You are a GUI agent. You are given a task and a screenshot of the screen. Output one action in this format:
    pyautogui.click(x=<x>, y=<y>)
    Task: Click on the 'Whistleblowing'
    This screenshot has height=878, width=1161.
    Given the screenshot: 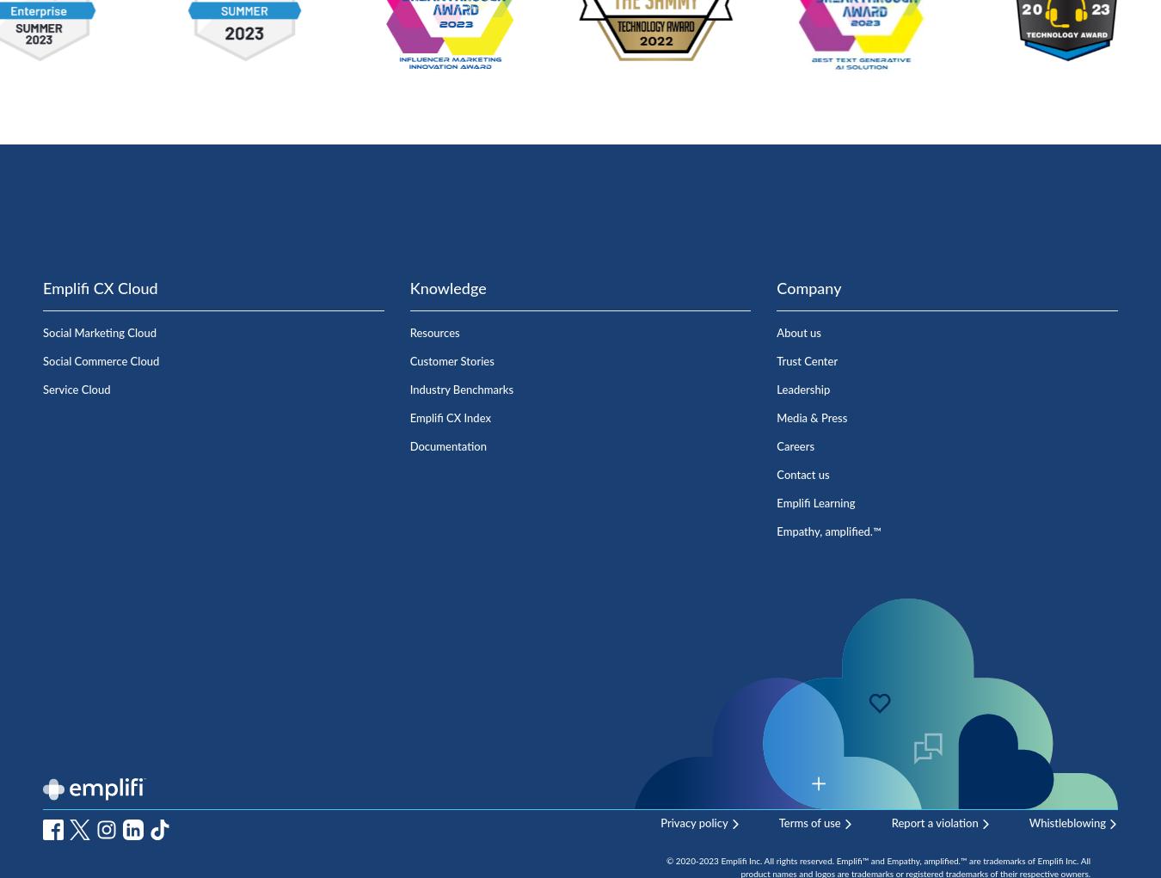 What is the action you would take?
    pyautogui.click(x=1067, y=822)
    